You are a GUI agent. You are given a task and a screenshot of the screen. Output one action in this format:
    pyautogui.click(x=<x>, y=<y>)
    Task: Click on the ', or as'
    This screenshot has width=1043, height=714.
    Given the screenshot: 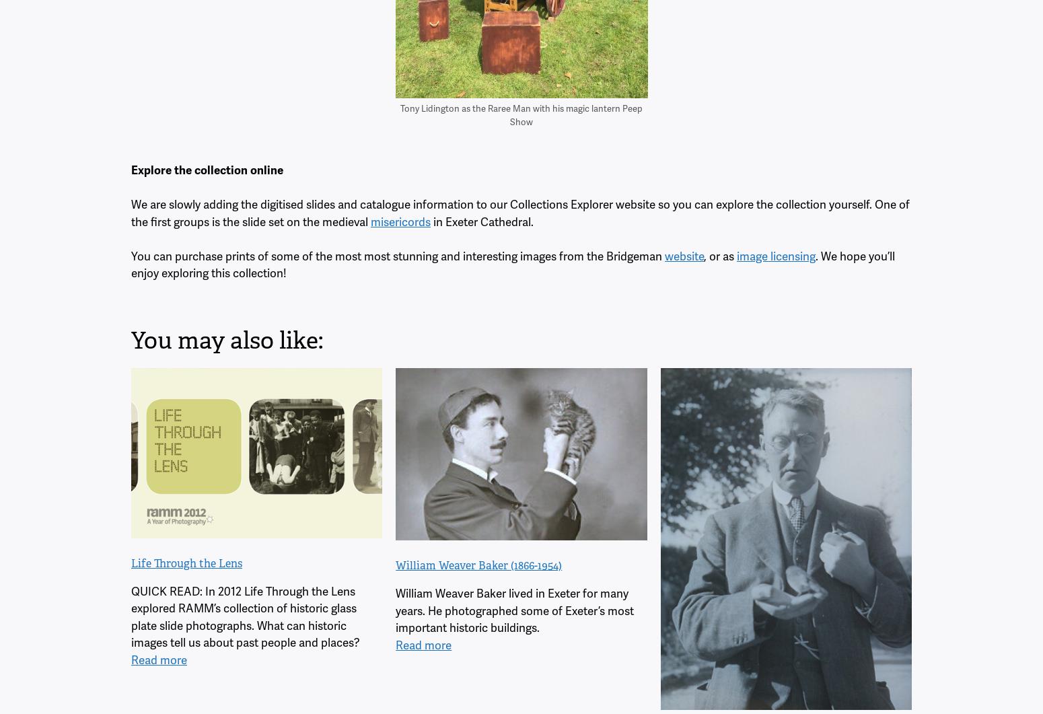 What is the action you would take?
    pyautogui.click(x=720, y=256)
    